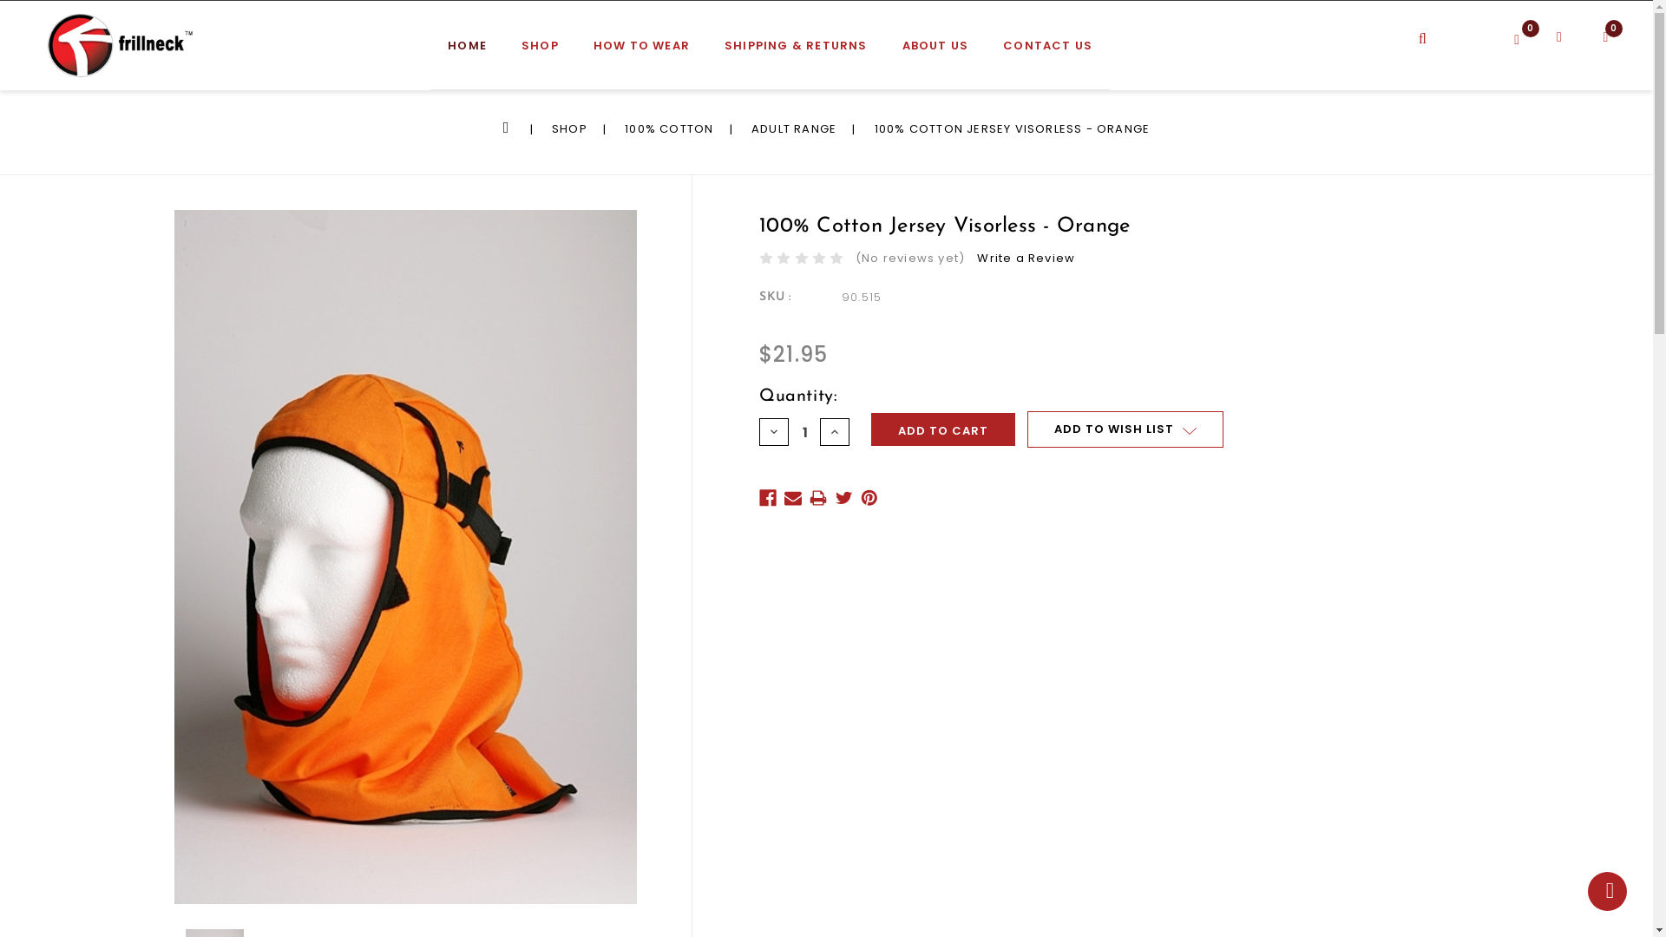 Image resolution: width=1666 pixels, height=937 pixels. I want to click on 'ABOUT US', so click(935, 52).